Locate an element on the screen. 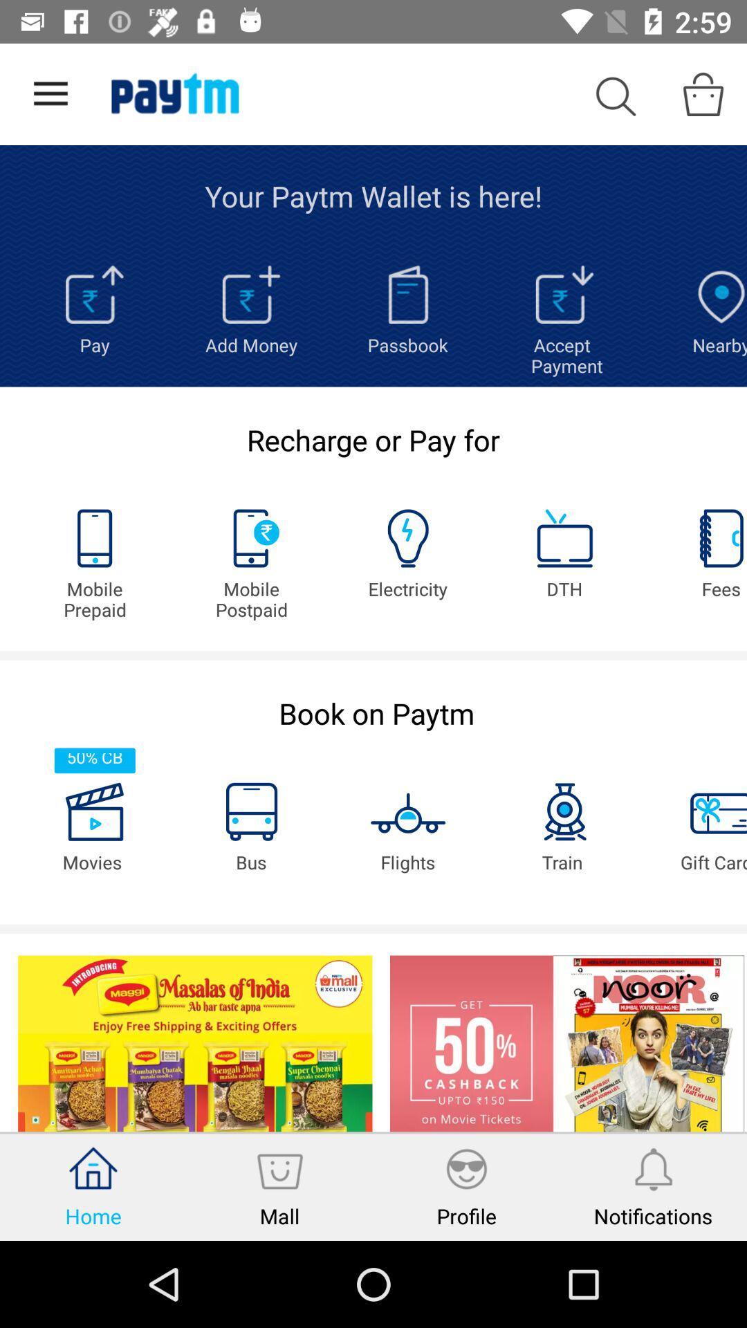 This screenshot has width=747, height=1328. your paytm wallet icon is located at coordinates (373, 195).